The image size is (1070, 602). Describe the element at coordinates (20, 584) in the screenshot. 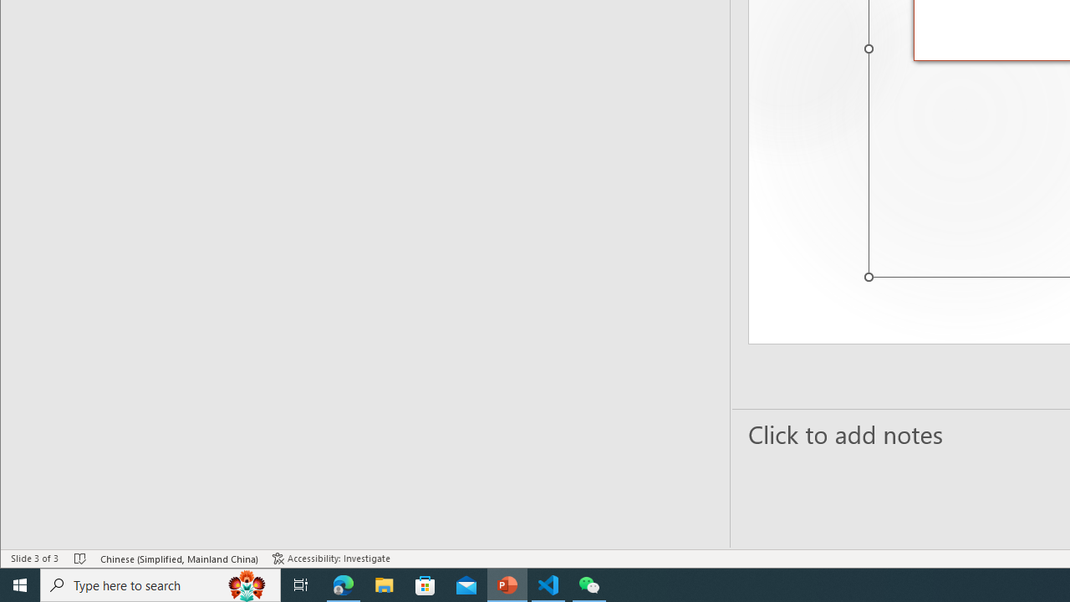

I see `'Start'` at that location.